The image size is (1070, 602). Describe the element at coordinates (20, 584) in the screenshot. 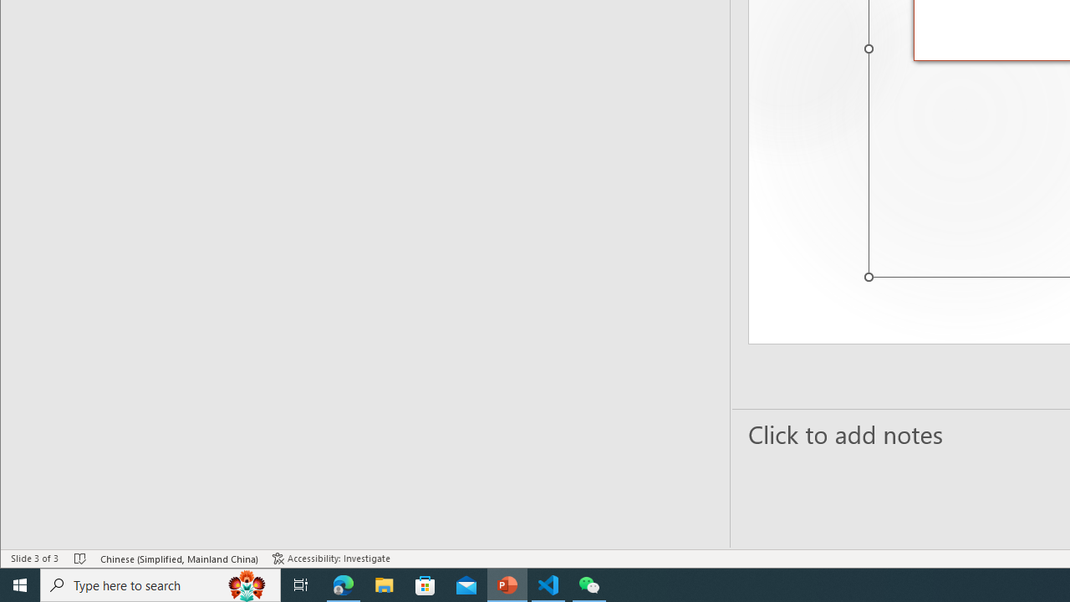

I see `'Start'` at that location.